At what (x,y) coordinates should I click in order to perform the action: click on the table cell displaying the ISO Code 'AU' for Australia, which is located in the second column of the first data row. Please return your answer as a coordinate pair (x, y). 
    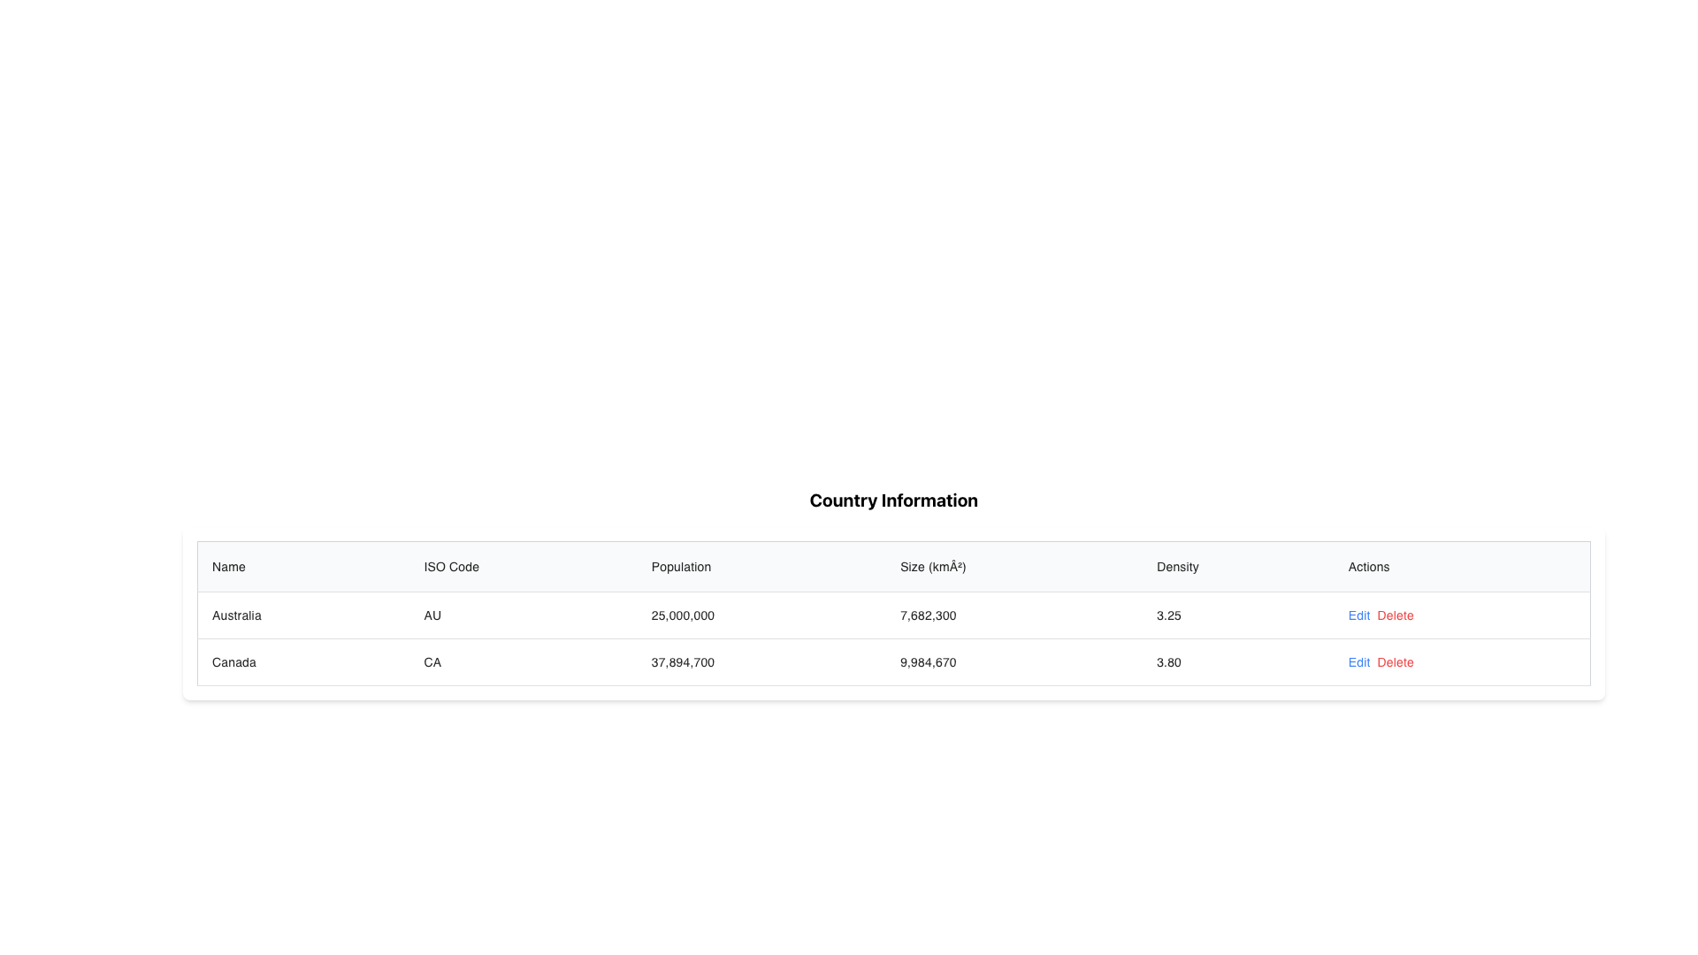
    Looking at the image, I should click on (523, 615).